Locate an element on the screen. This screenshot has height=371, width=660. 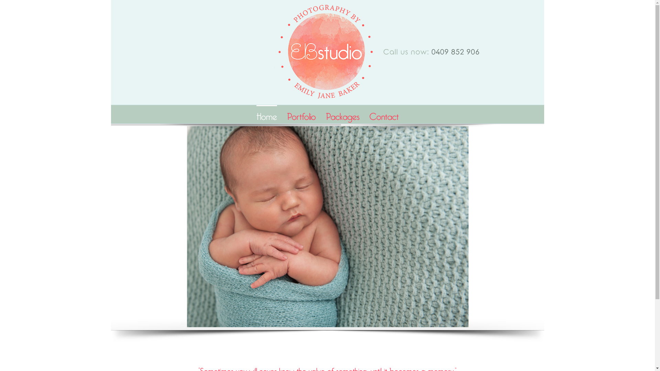
'Portfolio' is located at coordinates (301, 114).